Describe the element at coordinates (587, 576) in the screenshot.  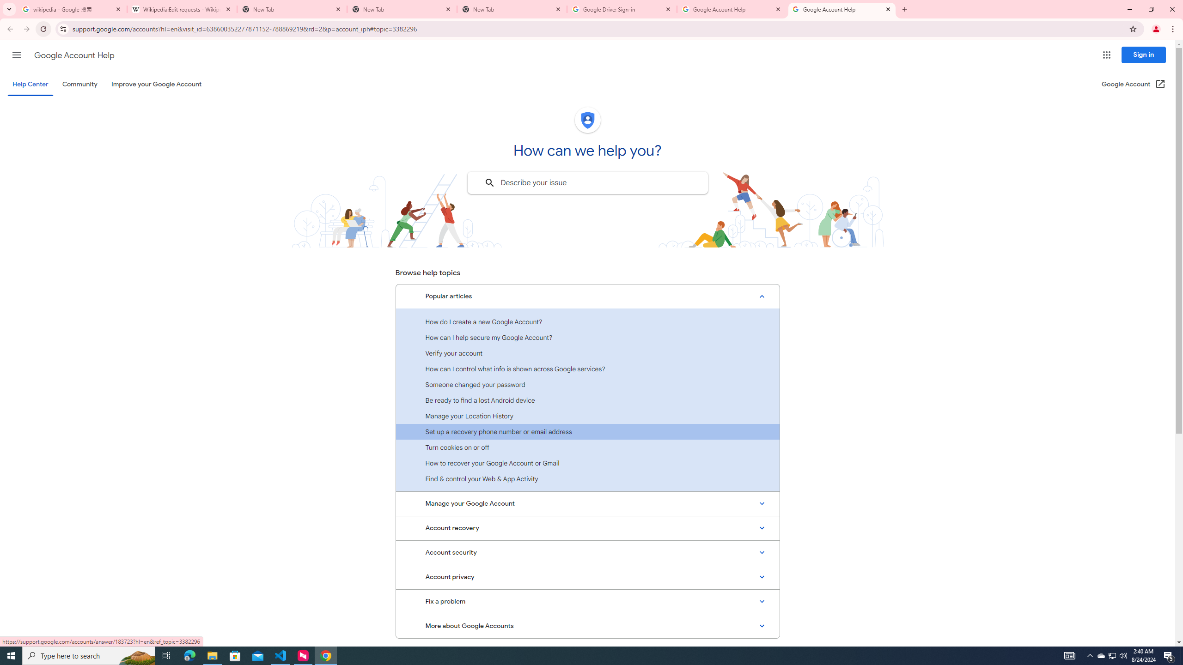
I see `'Account privacy'` at that location.